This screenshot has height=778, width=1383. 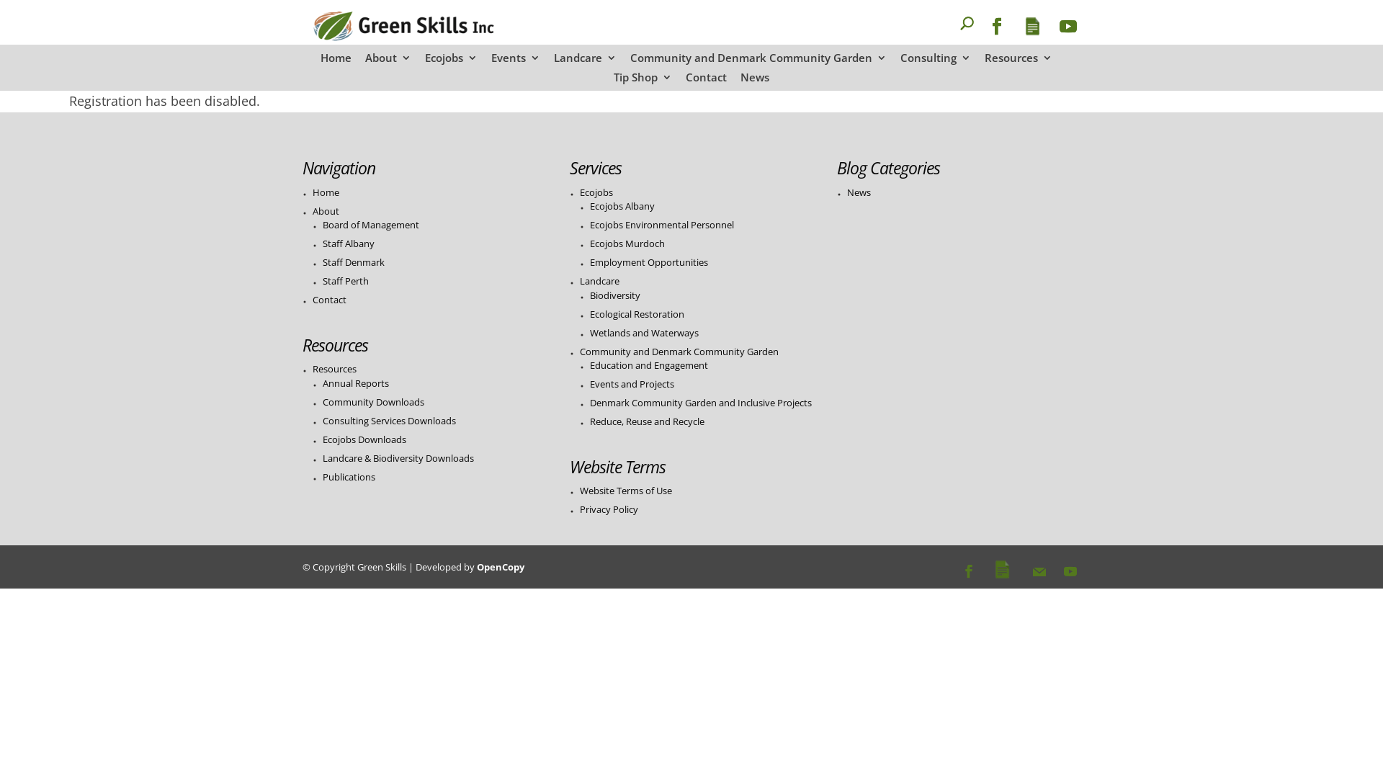 I want to click on 'Community and Denmark Community Garden', so click(x=756, y=61).